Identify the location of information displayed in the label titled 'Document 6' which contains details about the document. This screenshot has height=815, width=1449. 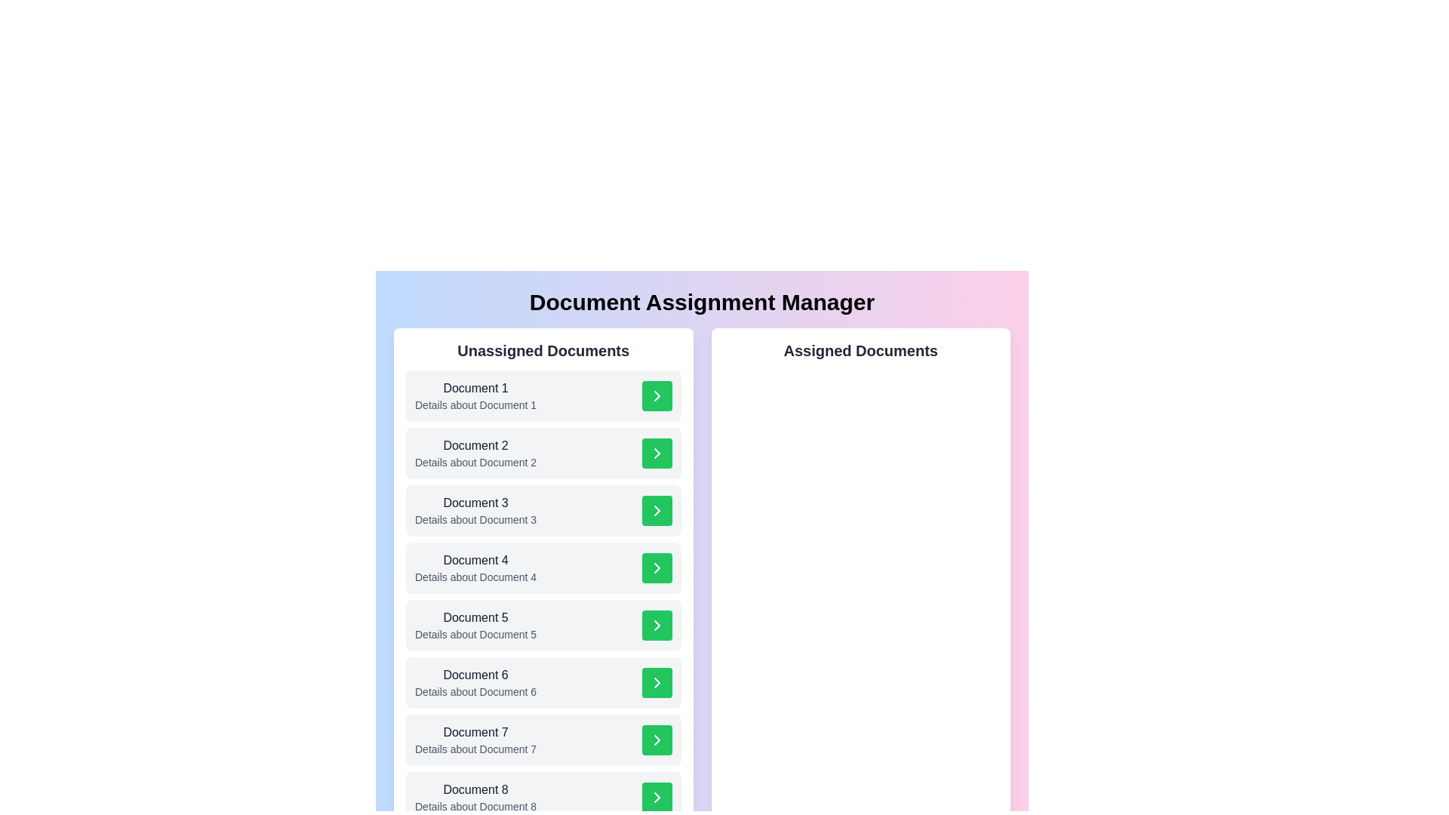
(475, 683).